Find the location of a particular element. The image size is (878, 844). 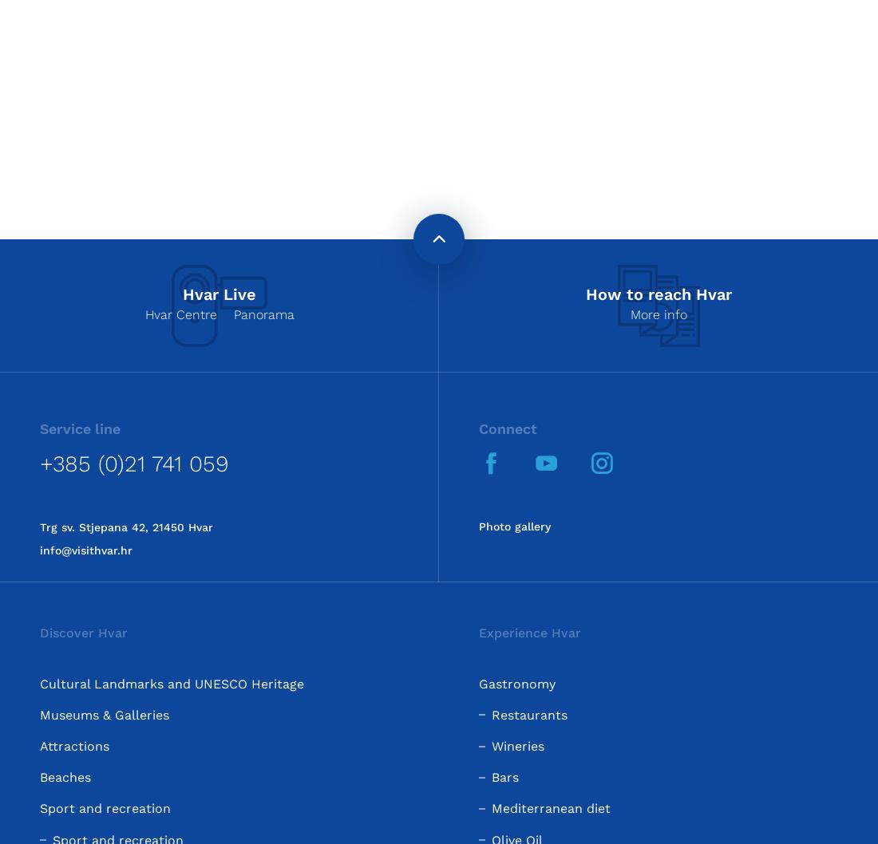

'Connect' is located at coordinates (508, 428).